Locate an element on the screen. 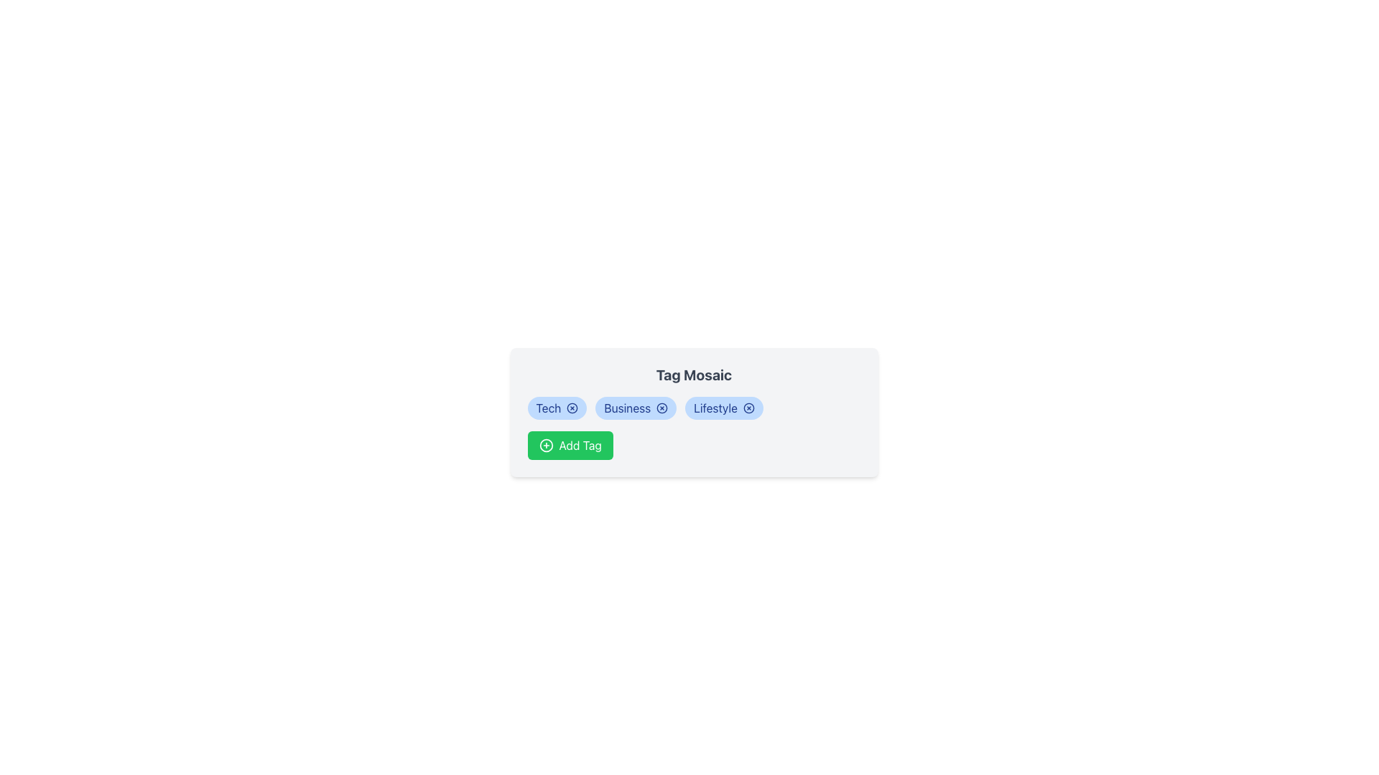 This screenshot has width=1379, height=775. a tag from the Tag list, which features light blue background and blue text is located at coordinates (694, 408).